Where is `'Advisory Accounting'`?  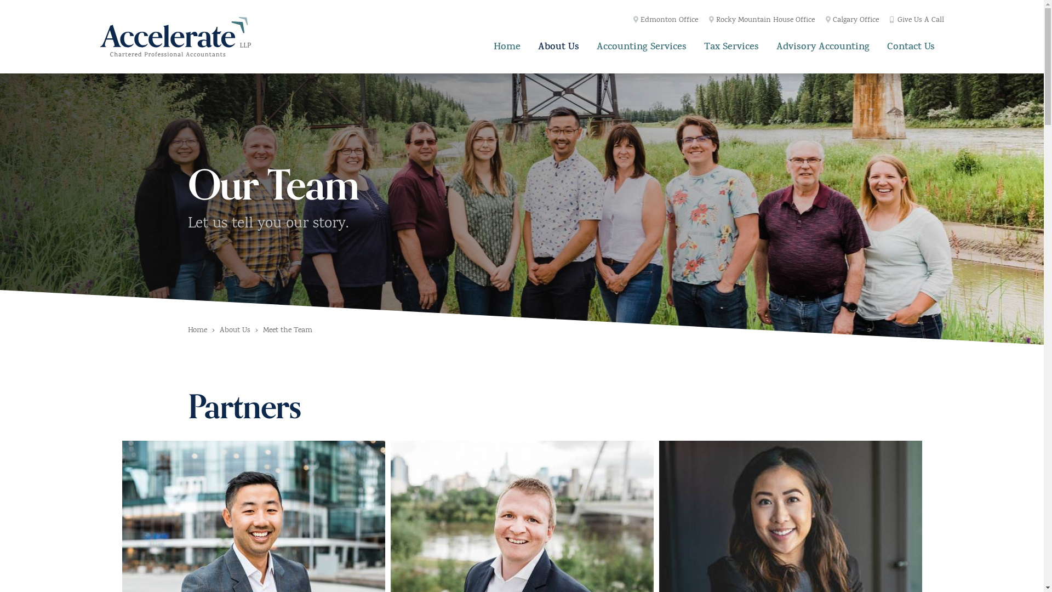 'Advisory Accounting' is located at coordinates (823, 45).